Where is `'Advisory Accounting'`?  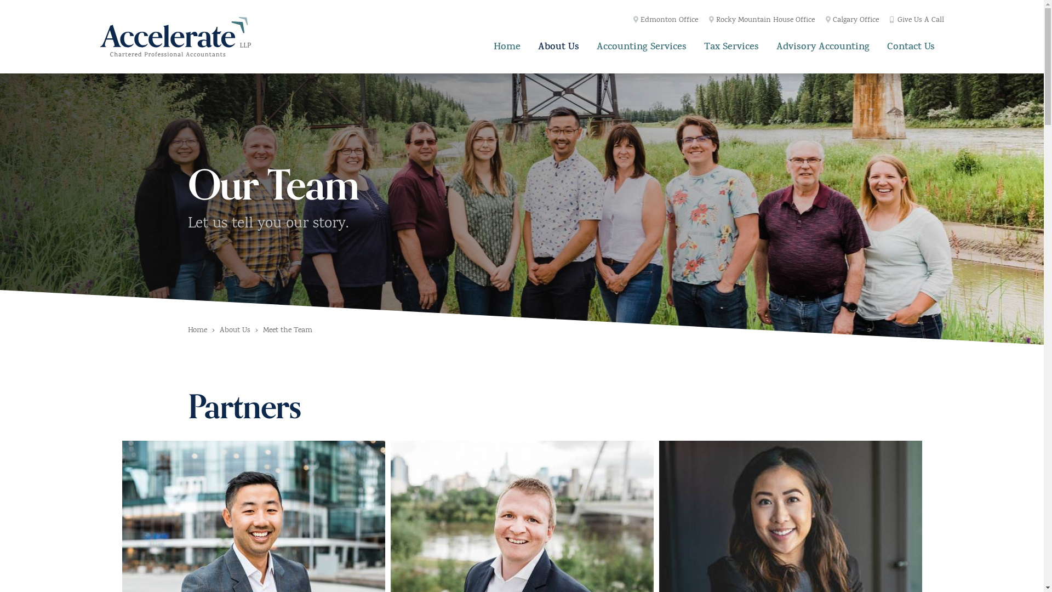 'Advisory Accounting' is located at coordinates (823, 45).